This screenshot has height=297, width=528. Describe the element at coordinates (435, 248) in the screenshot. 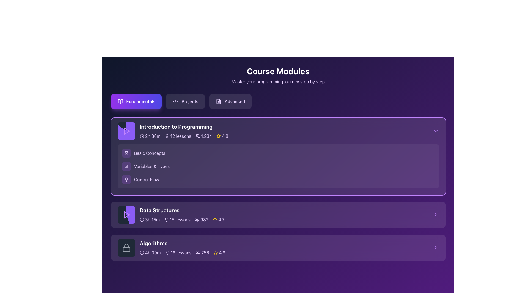

I see `the arrow icon located at the bottom right corner of the 'Algorithms' section` at that location.